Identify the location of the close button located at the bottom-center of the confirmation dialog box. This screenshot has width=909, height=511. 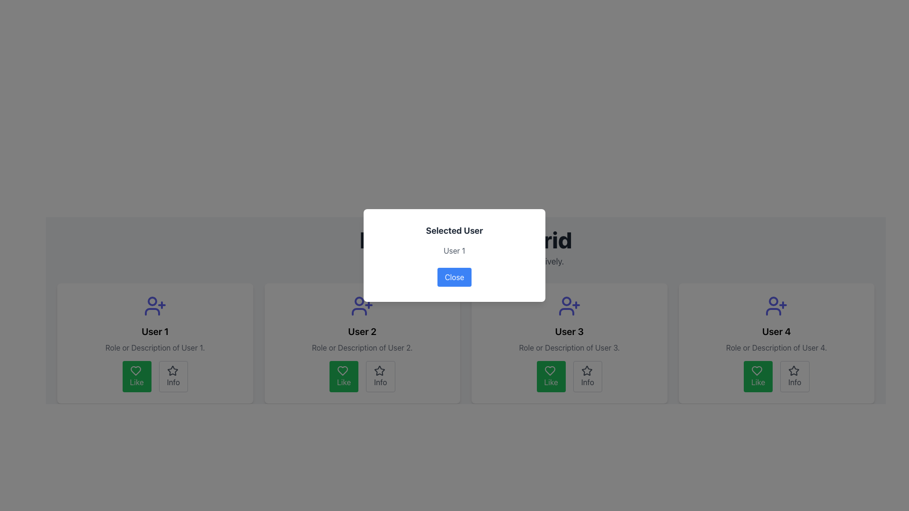
(454, 277).